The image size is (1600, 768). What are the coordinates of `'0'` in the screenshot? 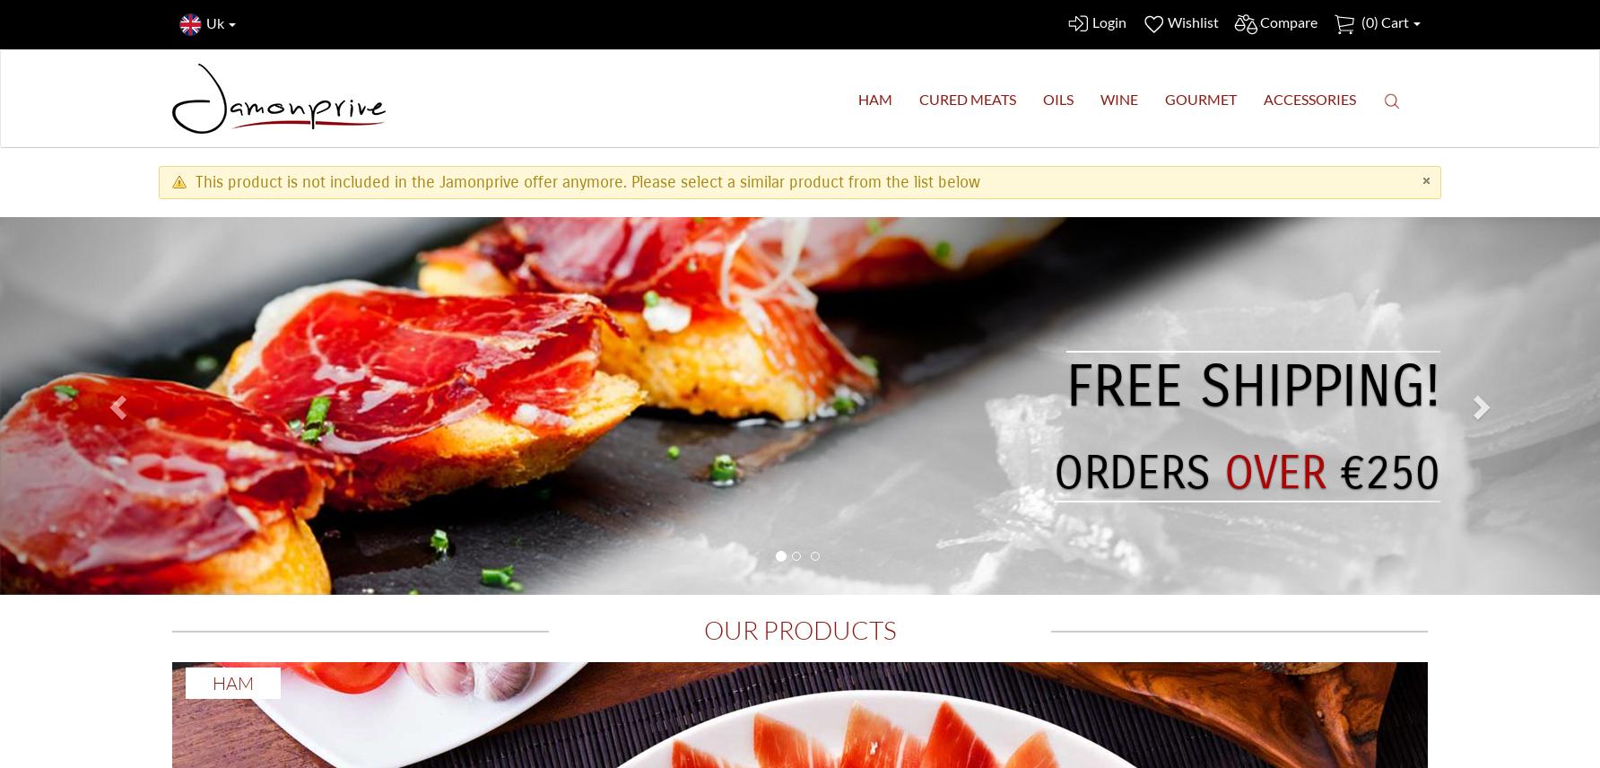 It's located at (1369, 22).